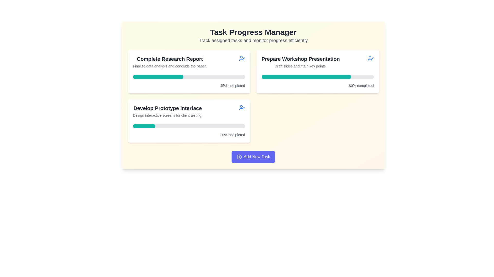 Image resolution: width=494 pixels, height=277 pixels. Describe the element at coordinates (170, 62) in the screenshot. I see `the Text Block that displays the task title and its description, located in the top-left corner of the grid layout, above the 'Prepare Workshop Presentation' card` at that location.